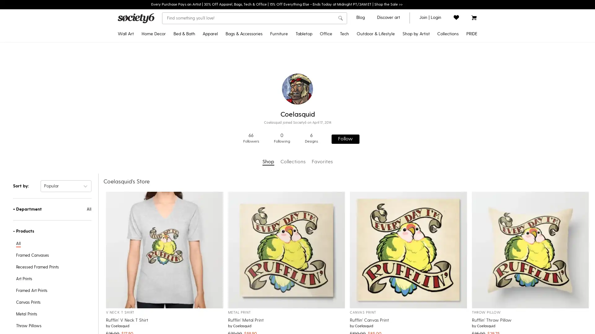 The image size is (595, 334). I want to click on Mini Art Prints, so click(146, 159).